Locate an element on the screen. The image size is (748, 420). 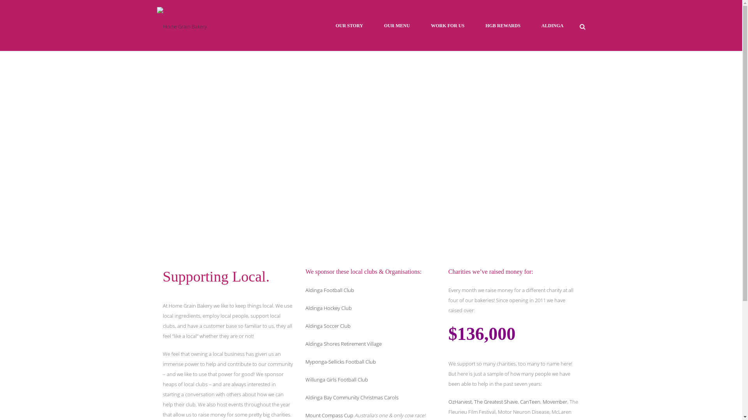
'CanTeen' is located at coordinates (530, 402).